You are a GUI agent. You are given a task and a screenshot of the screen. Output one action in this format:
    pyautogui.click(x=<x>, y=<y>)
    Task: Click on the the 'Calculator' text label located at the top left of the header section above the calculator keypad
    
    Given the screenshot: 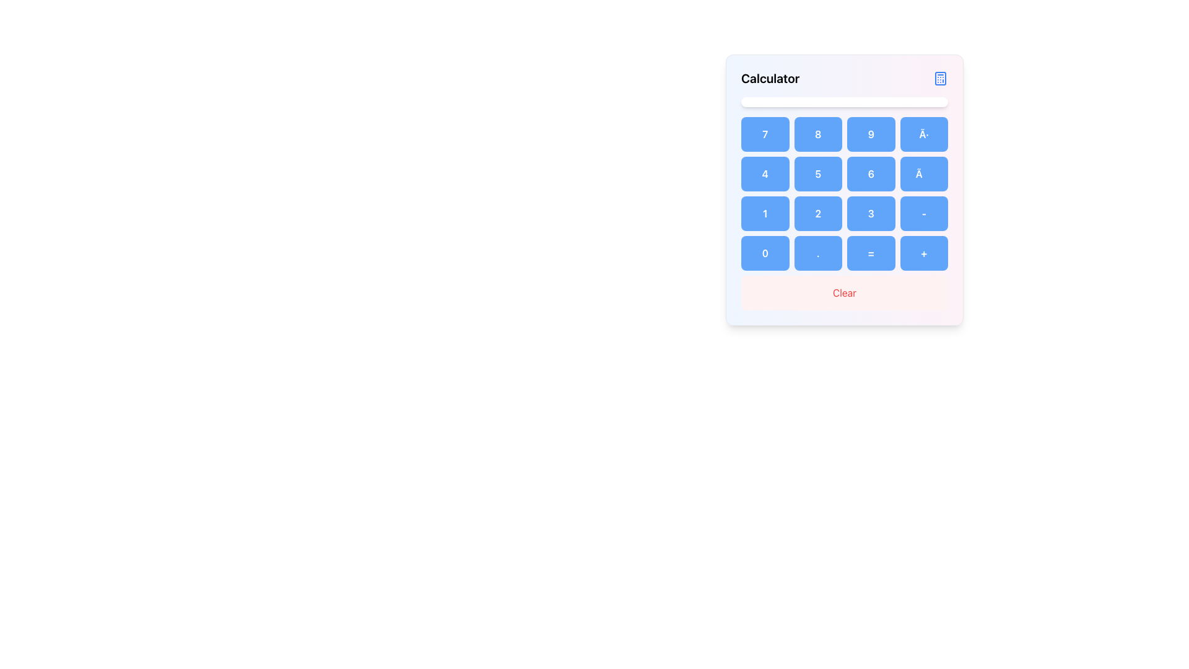 What is the action you would take?
    pyautogui.click(x=770, y=79)
    